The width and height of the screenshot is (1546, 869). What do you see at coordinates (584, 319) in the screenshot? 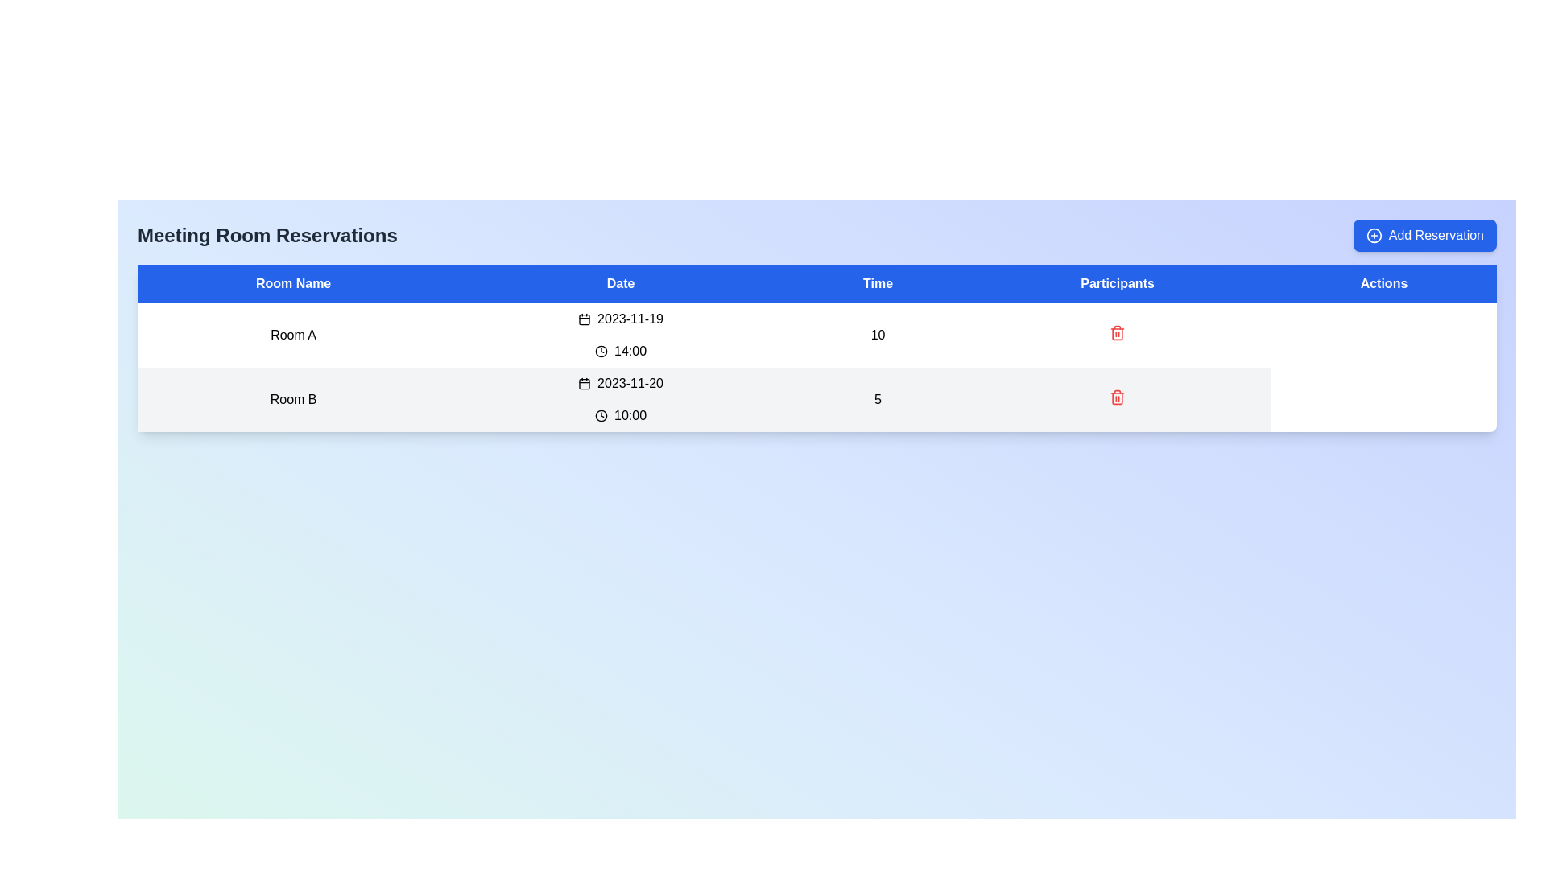
I see `the calendar icon located in the 'Date' column of the first row in the 'Meeting Room Reservations' table, positioned to the left of the date '2023-11-19'` at bounding box center [584, 319].